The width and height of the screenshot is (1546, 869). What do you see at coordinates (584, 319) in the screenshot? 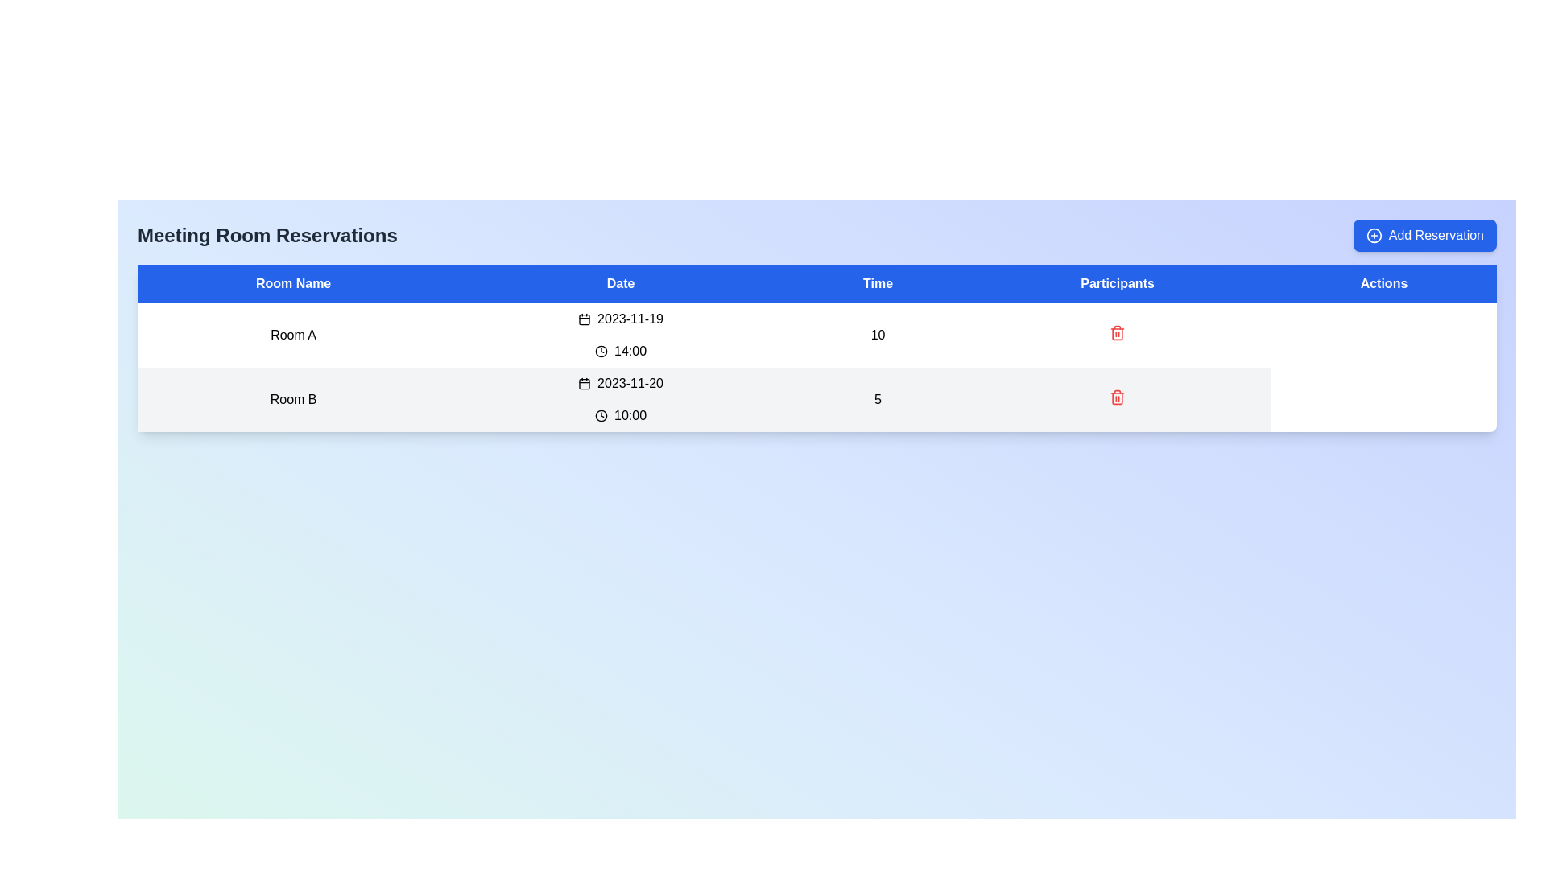
I see `the calendar icon located in the 'Date' column of the first row in the 'Meeting Room Reservations' table, positioned to the left of the date '2023-11-19'` at bounding box center [584, 319].